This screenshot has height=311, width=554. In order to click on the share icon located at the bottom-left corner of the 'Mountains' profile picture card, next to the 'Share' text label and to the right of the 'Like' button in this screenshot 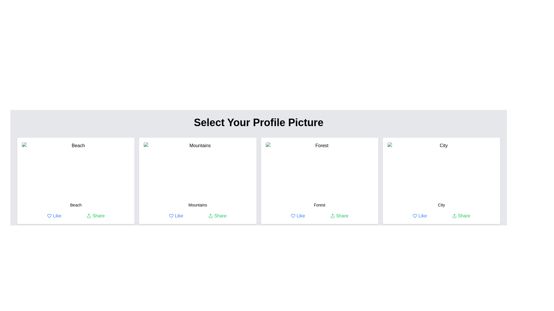, I will do `click(210, 216)`.